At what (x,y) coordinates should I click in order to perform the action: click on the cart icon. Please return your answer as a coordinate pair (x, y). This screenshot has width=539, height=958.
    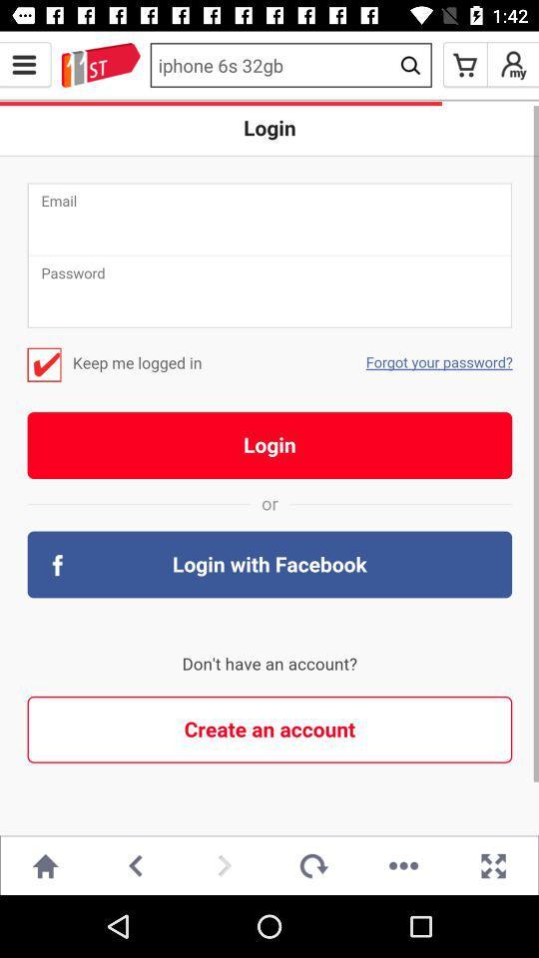
    Looking at the image, I should click on (465, 65).